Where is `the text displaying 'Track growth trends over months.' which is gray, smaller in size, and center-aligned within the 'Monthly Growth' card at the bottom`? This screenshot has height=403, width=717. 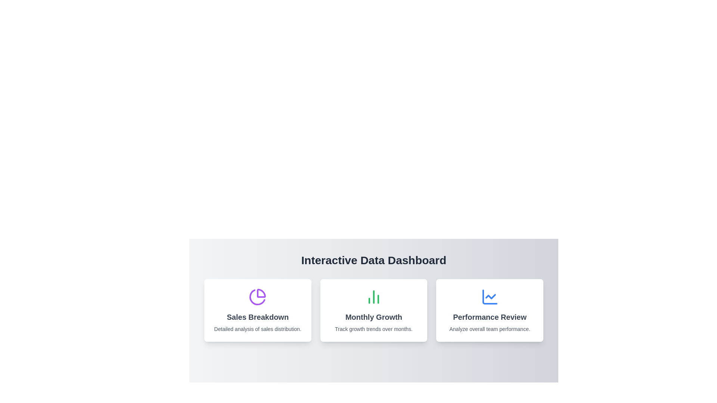 the text displaying 'Track growth trends over months.' which is gray, smaller in size, and center-aligned within the 'Monthly Growth' card at the bottom is located at coordinates (373, 329).